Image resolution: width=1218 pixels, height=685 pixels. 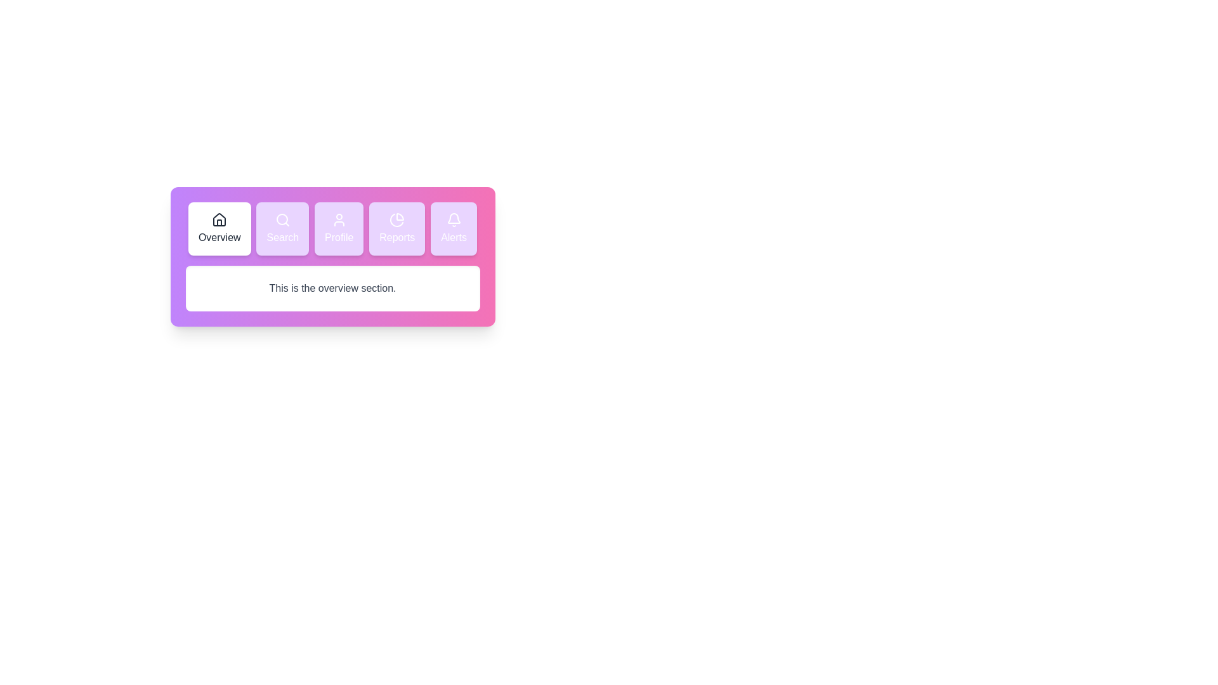 I want to click on the text label displaying 'Alerts', located below the bell icon in the top right horizontal menu, so click(x=454, y=237).